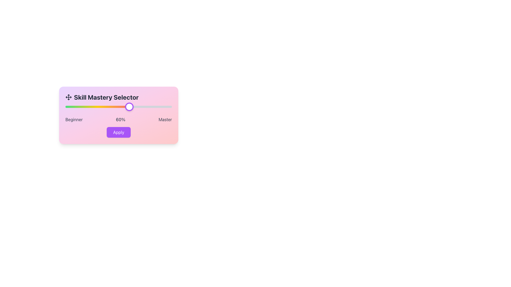 The image size is (511, 287). I want to click on the skill mastery level, so click(137, 107).